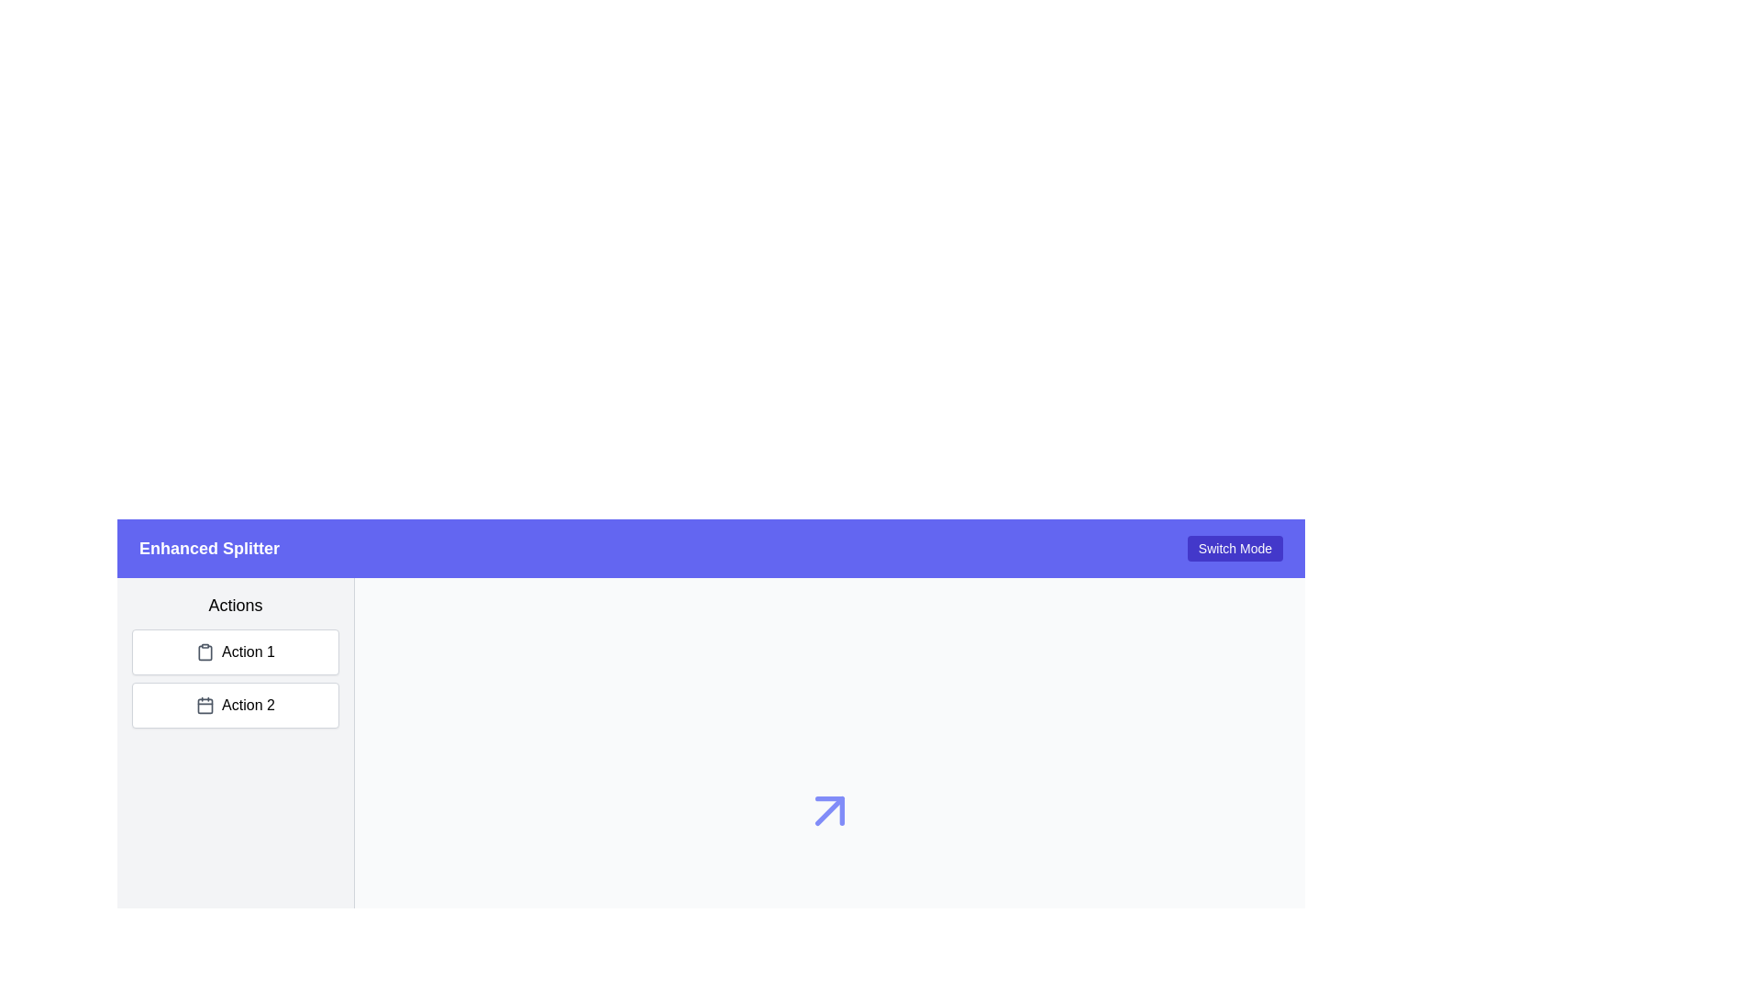  I want to click on the Action 1 button icon, which visually represents the purpose of the action and is the first button in the vertical list labeled 'Actions' on the left side of the interface, so click(205, 651).